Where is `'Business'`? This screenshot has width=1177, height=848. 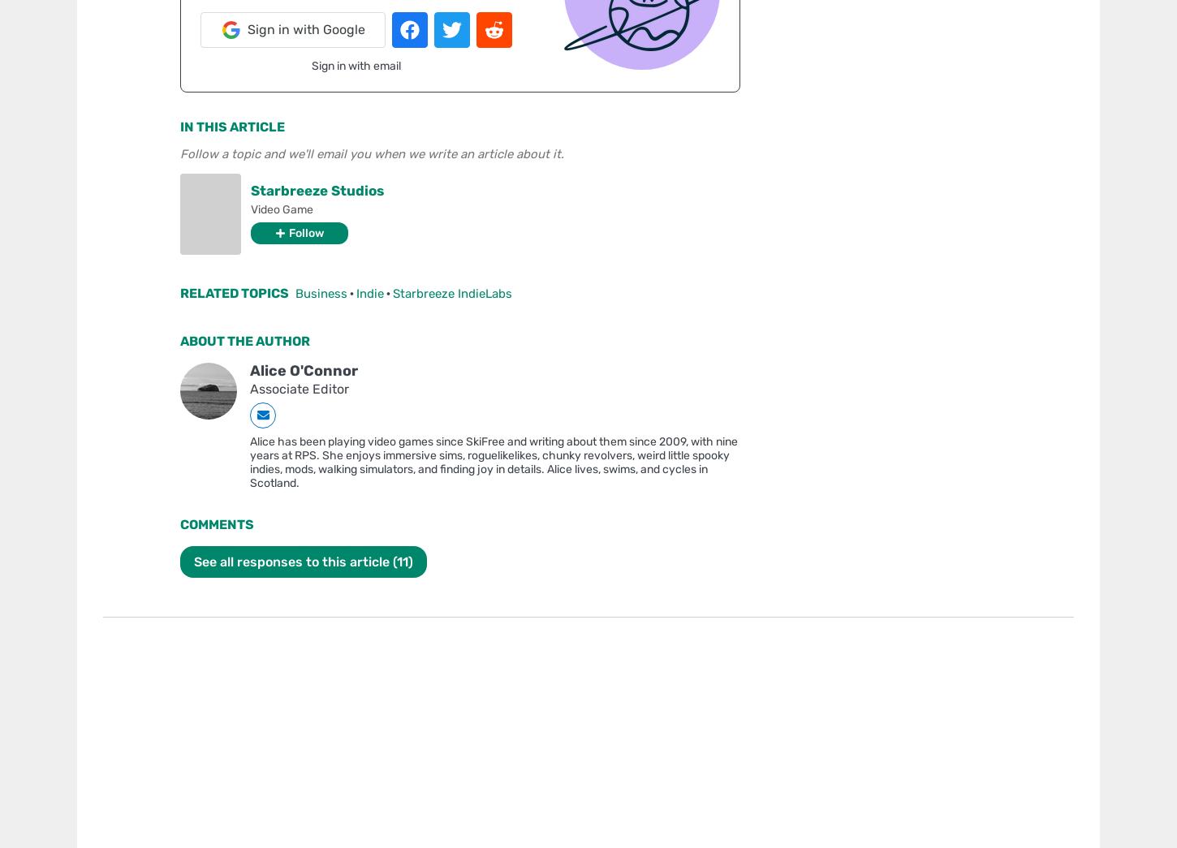
'Business' is located at coordinates (320, 292).